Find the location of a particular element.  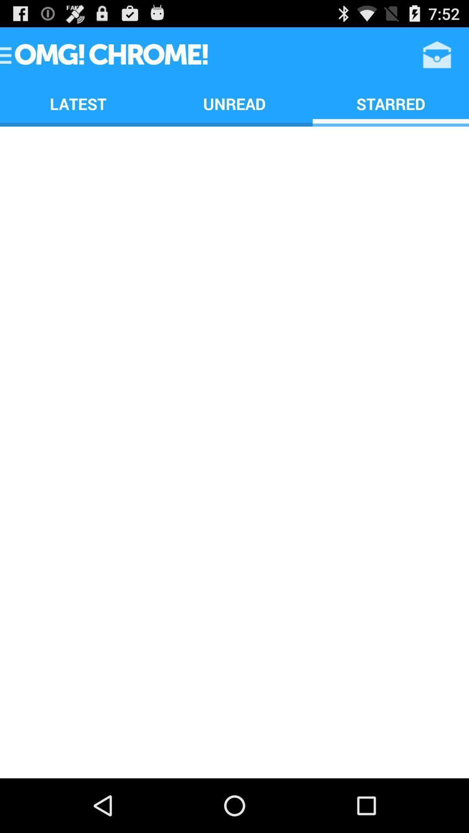

item next to unread app is located at coordinates (390, 104).